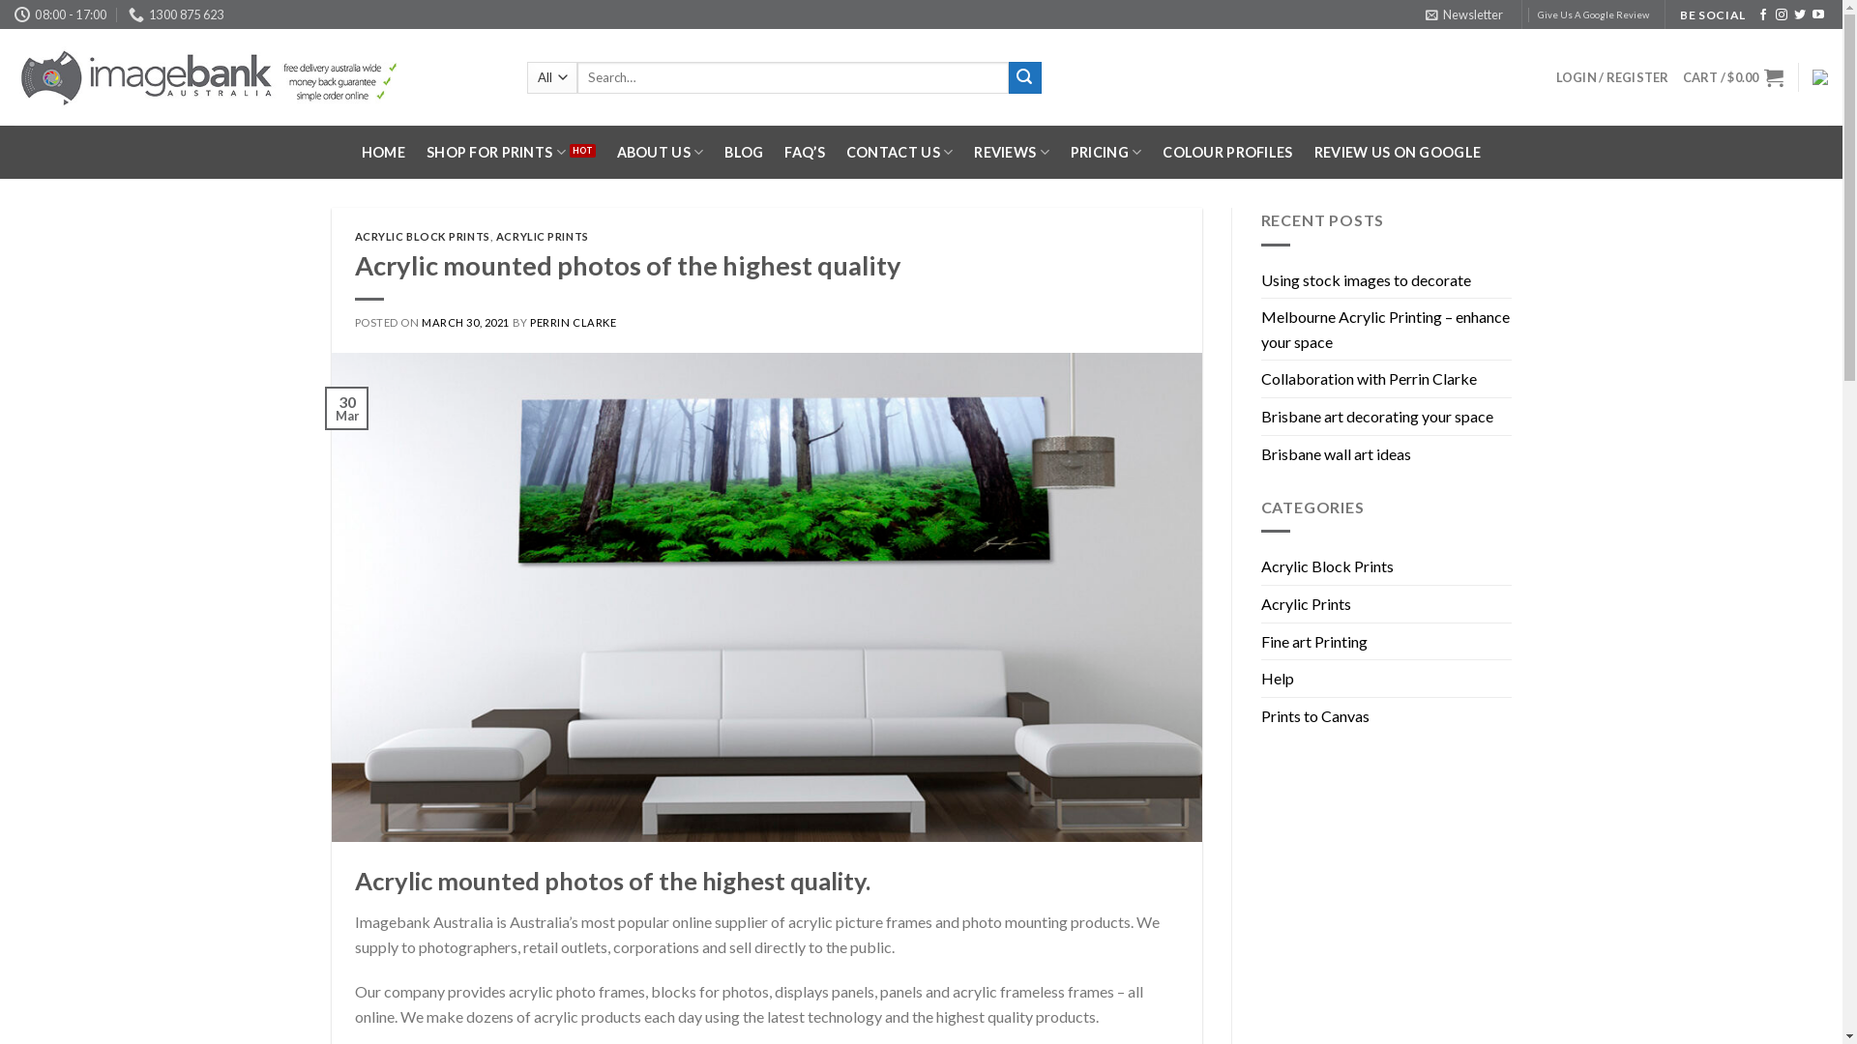 Image resolution: width=1857 pixels, height=1044 pixels. What do you see at coordinates (1732, 76) in the screenshot?
I see `'CART / $0.00'` at bounding box center [1732, 76].